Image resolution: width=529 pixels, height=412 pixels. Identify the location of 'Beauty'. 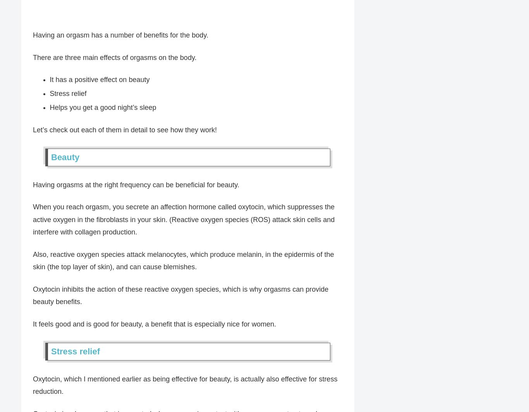
(65, 157).